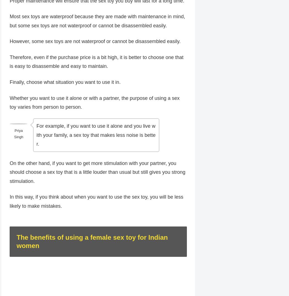 This screenshot has width=289, height=296. I want to click on 'However, some sex toys are not waterproof or cannot be disassembled easily.', so click(95, 42).